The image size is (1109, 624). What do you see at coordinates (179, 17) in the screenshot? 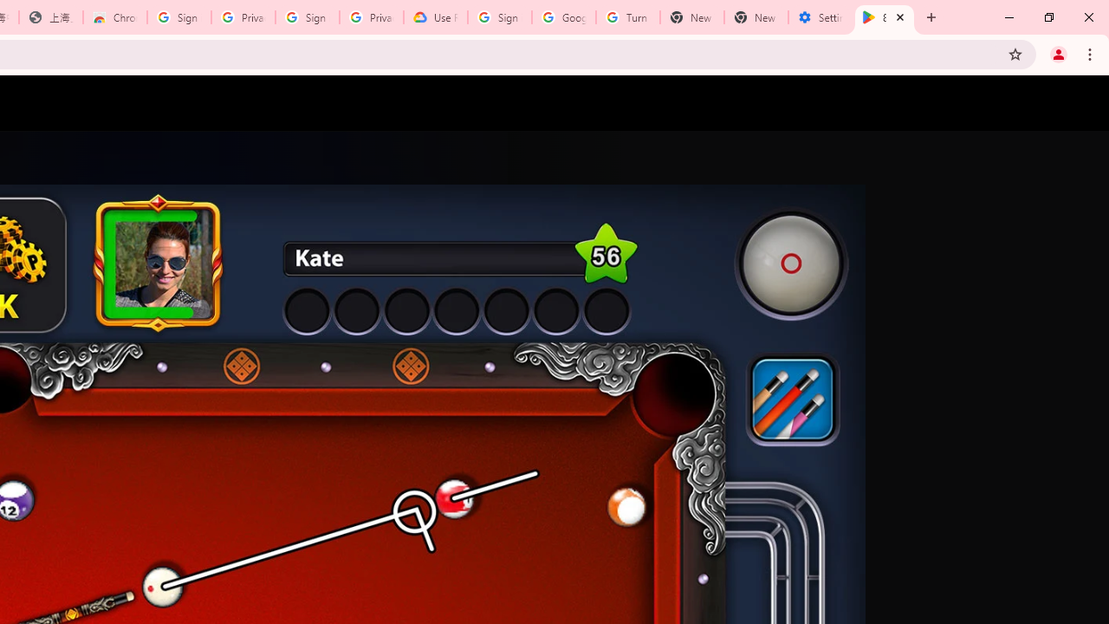
I see `'Sign in - Google Accounts'` at bounding box center [179, 17].